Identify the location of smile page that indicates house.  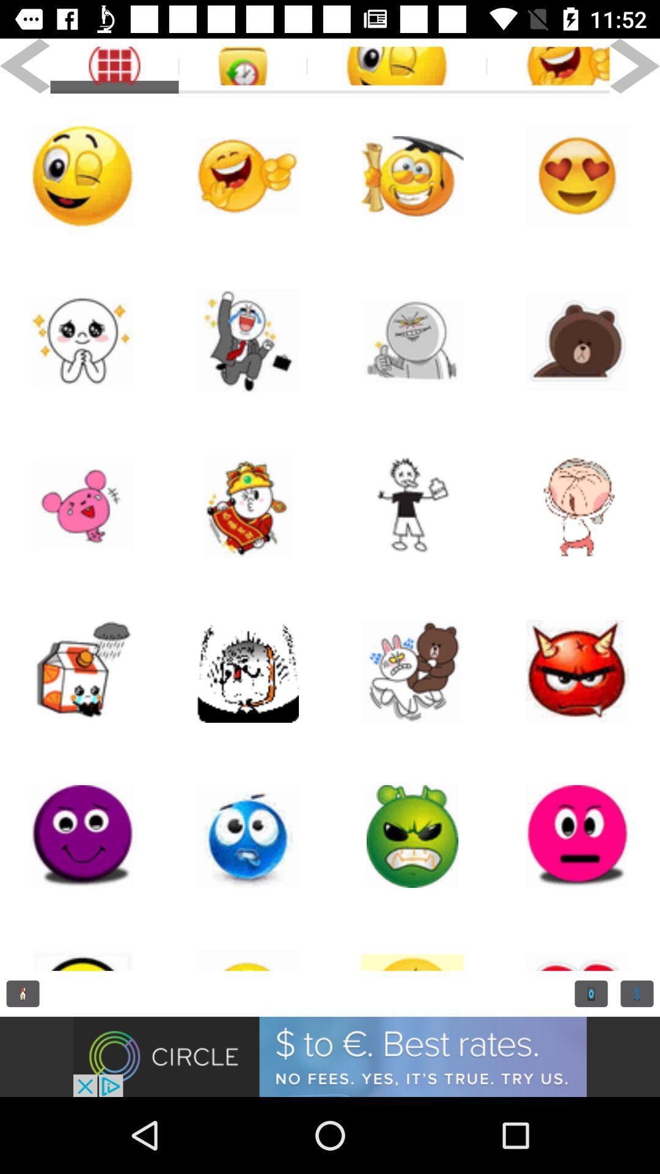
(82, 671).